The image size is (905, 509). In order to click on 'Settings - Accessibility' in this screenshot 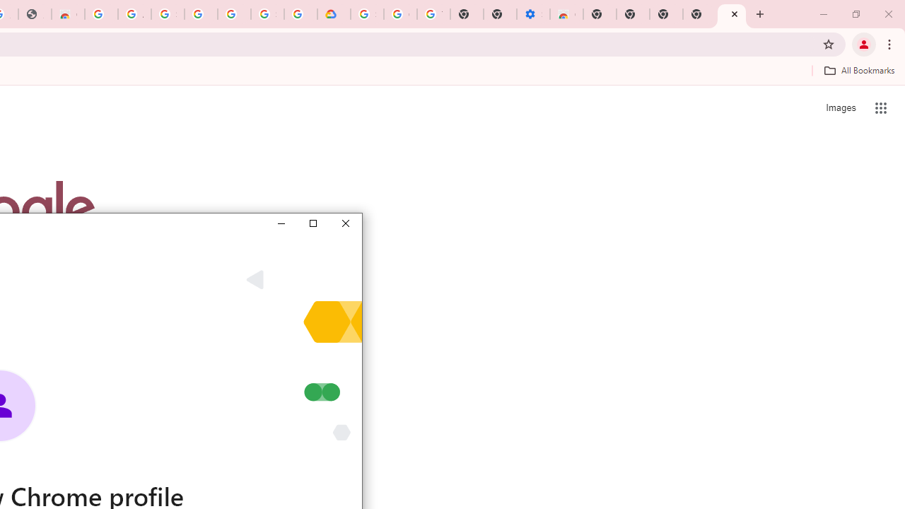, I will do `click(532, 14)`.